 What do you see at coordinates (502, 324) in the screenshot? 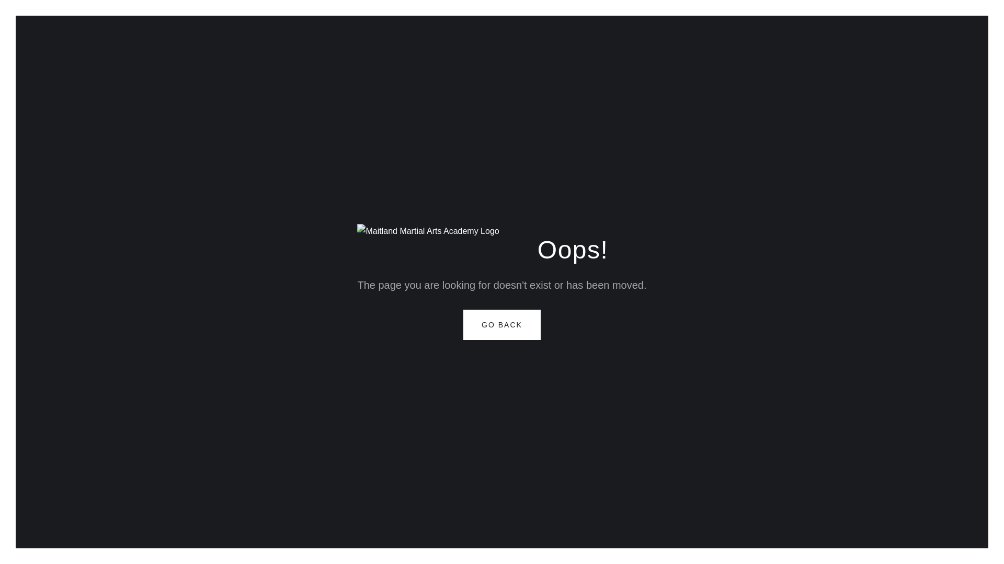
I see `'GO BACK'` at bounding box center [502, 324].